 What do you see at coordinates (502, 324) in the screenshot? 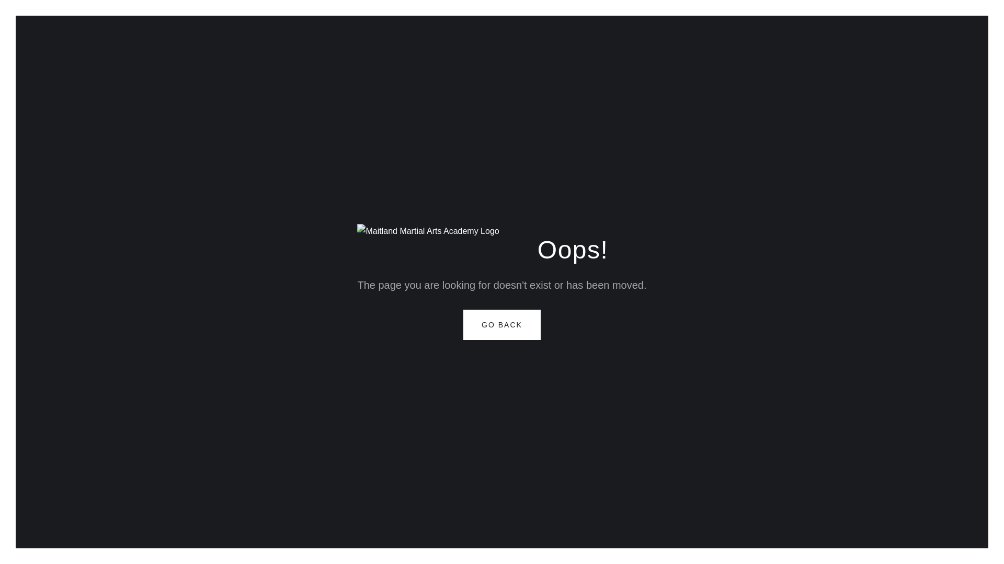
I see `'GO BACK'` at bounding box center [502, 324].